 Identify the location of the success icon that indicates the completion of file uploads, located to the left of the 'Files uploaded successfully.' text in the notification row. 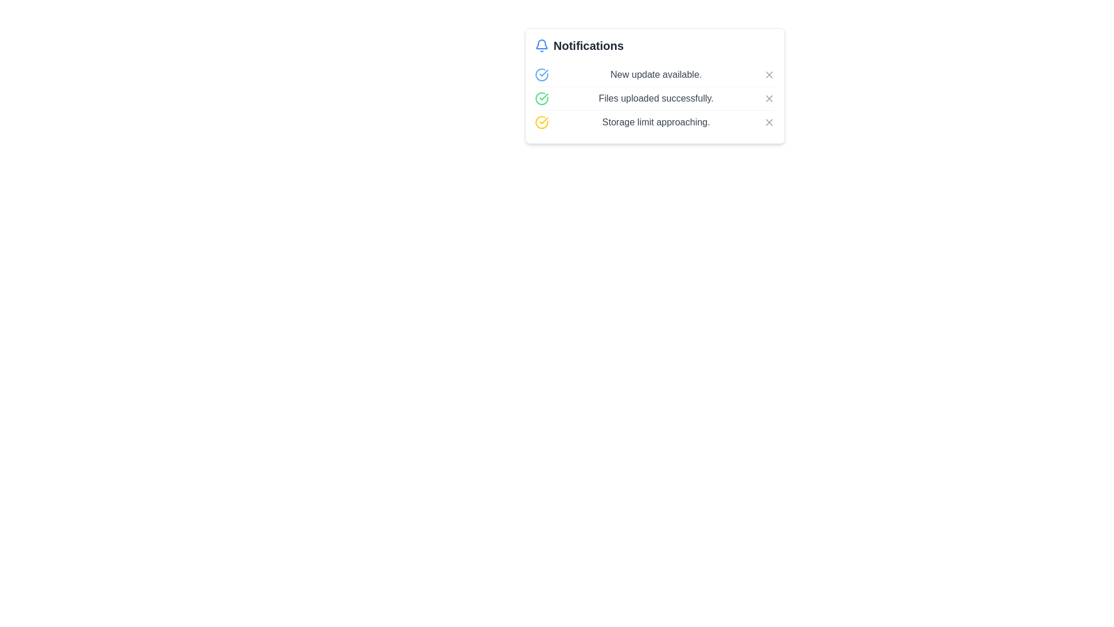
(541, 98).